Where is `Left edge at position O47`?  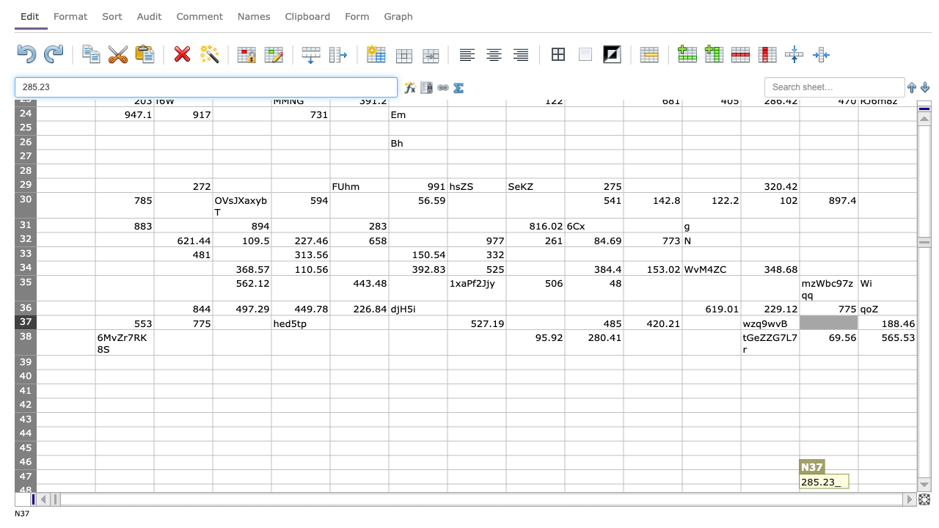
Left edge at position O47 is located at coordinates (858, 477).